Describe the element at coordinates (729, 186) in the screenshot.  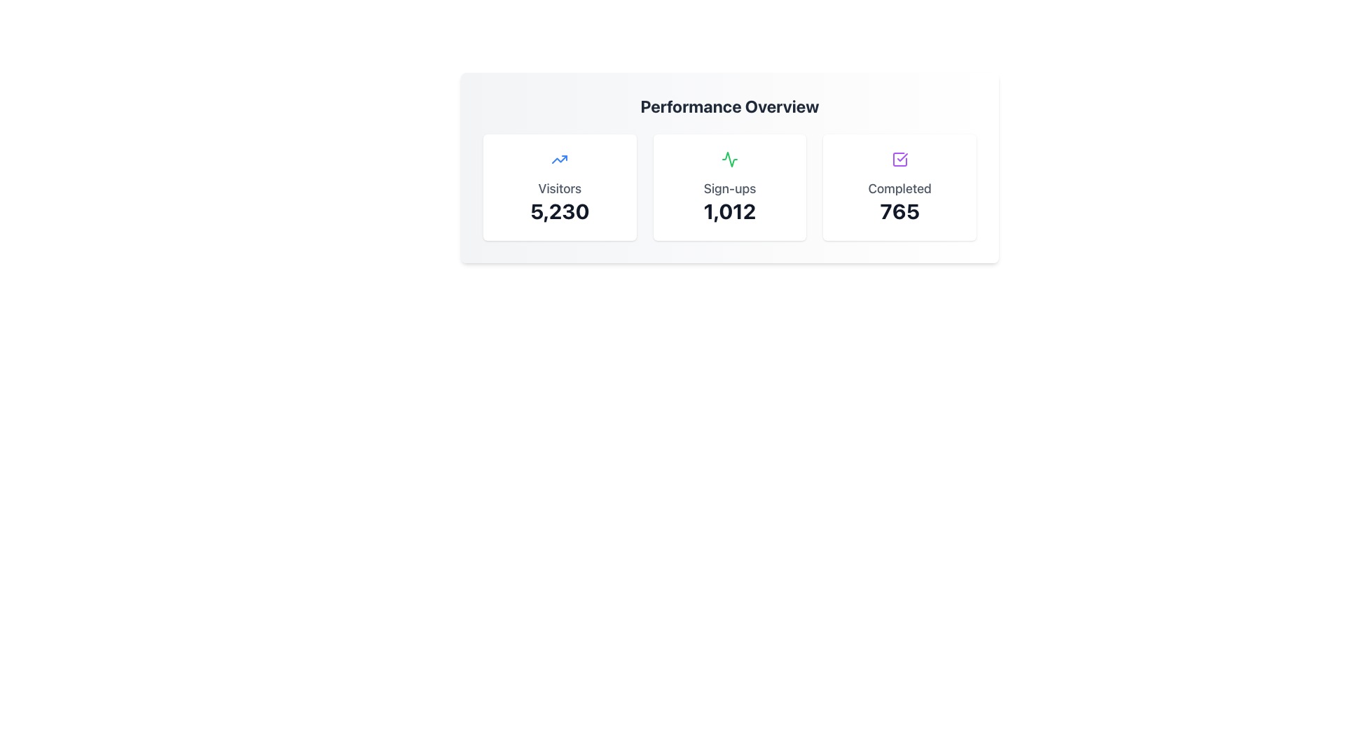
I see `the statistics displayed in the grid layout containing three information cards under the 'Performance Overview' title` at that location.